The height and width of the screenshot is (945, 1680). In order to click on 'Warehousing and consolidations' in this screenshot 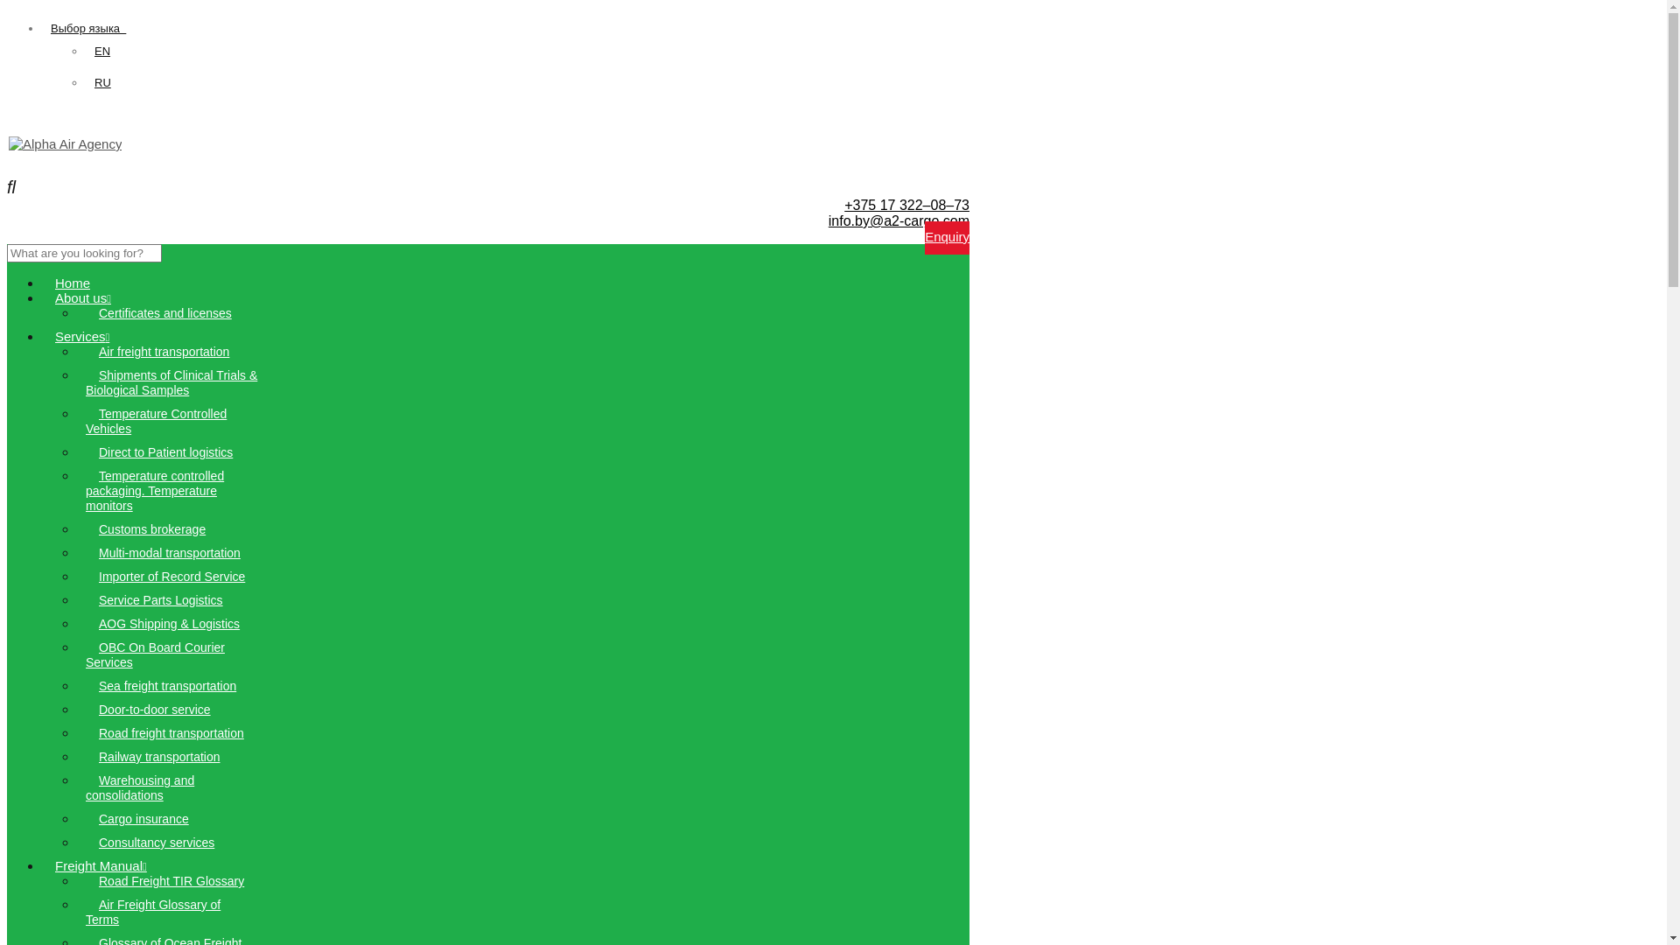, I will do `click(138, 787)`.